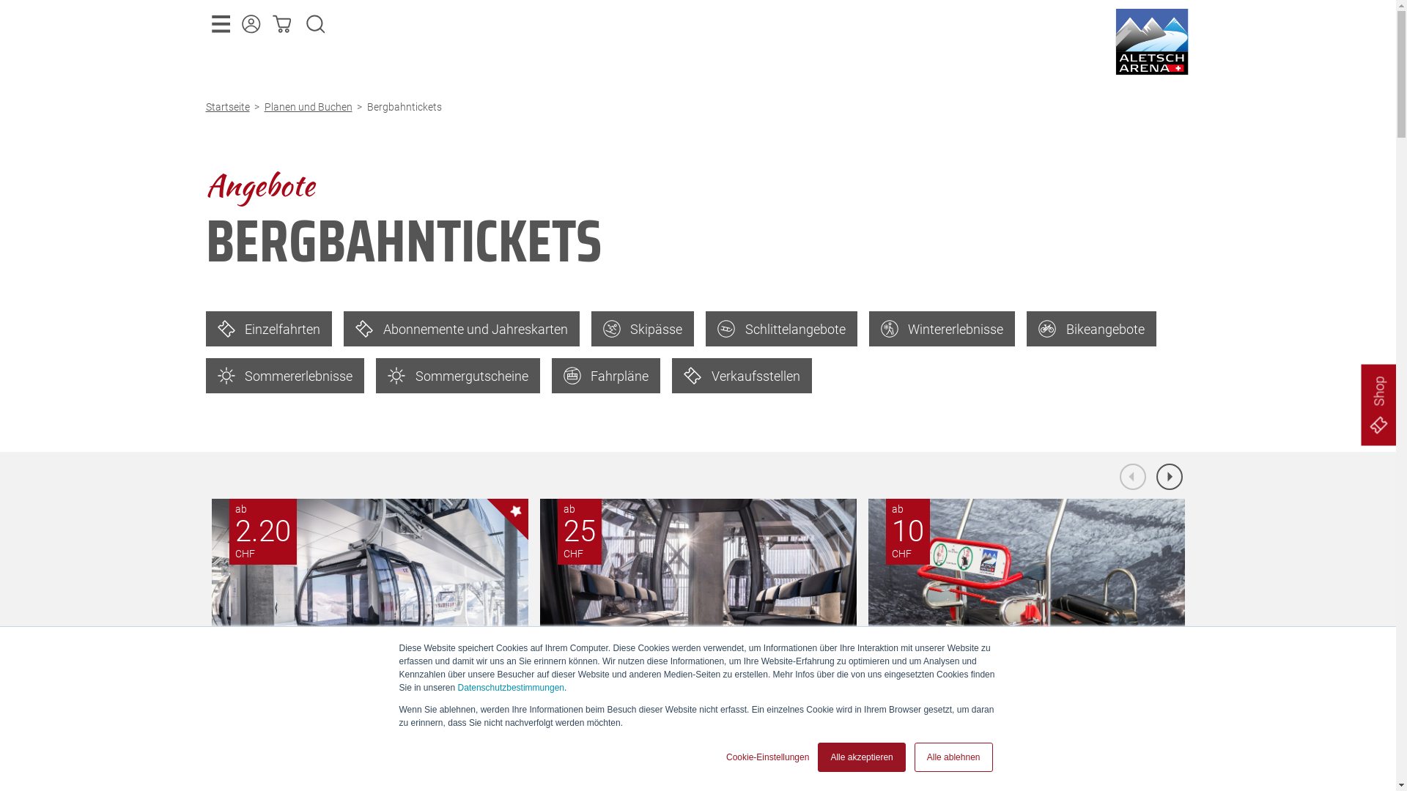 The height and width of the screenshot is (791, 1407). I want to click on 'Bikeangebote', so click(1091, 327).